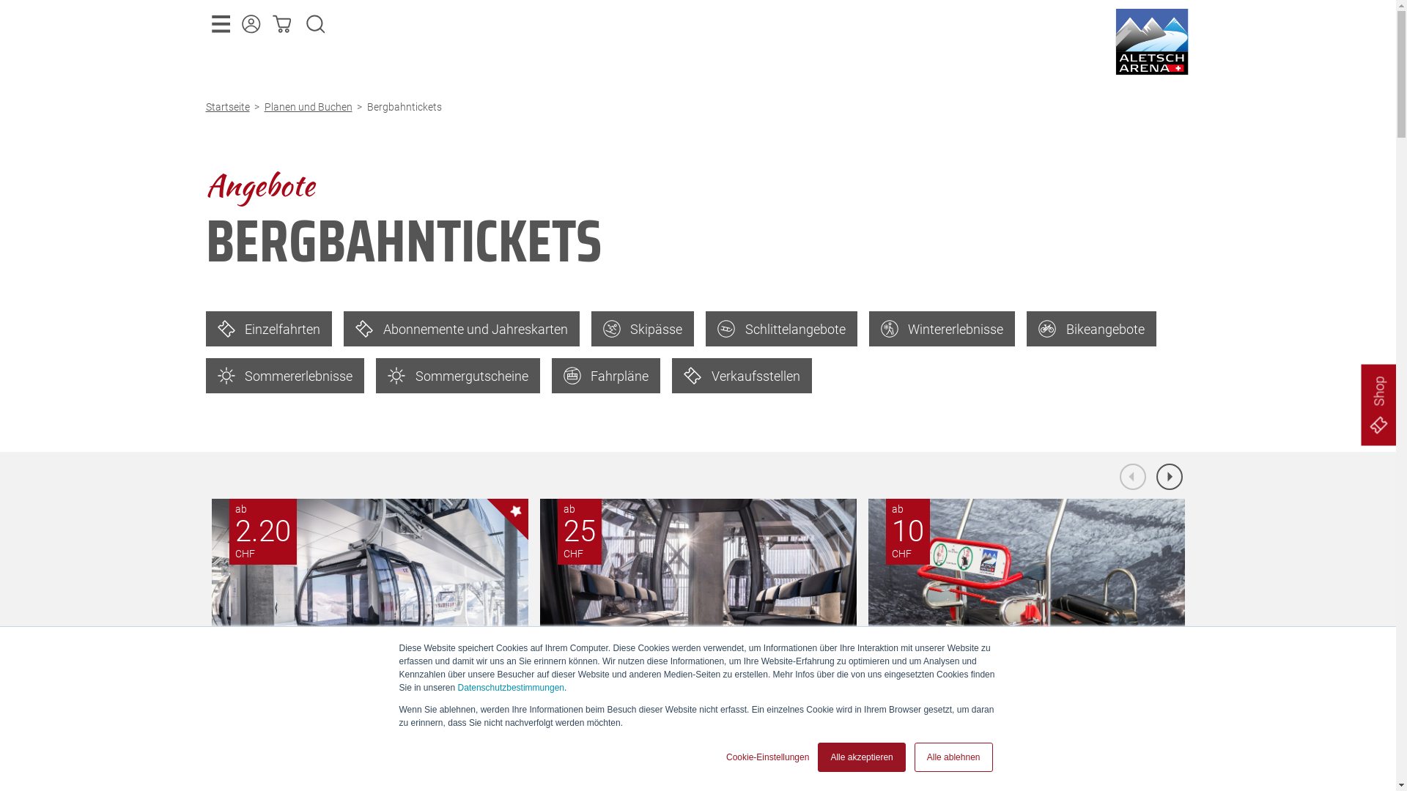 The height and width of the screenshot is (791, 1407). I want to click on 'Bikeangebote', so click(1091, 327).